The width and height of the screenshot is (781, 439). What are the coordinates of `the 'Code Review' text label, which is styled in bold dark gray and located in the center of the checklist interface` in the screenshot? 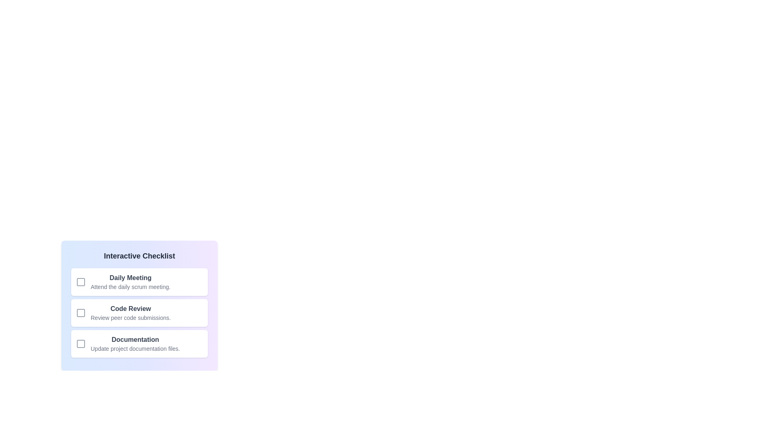 It's located at (131, 309).